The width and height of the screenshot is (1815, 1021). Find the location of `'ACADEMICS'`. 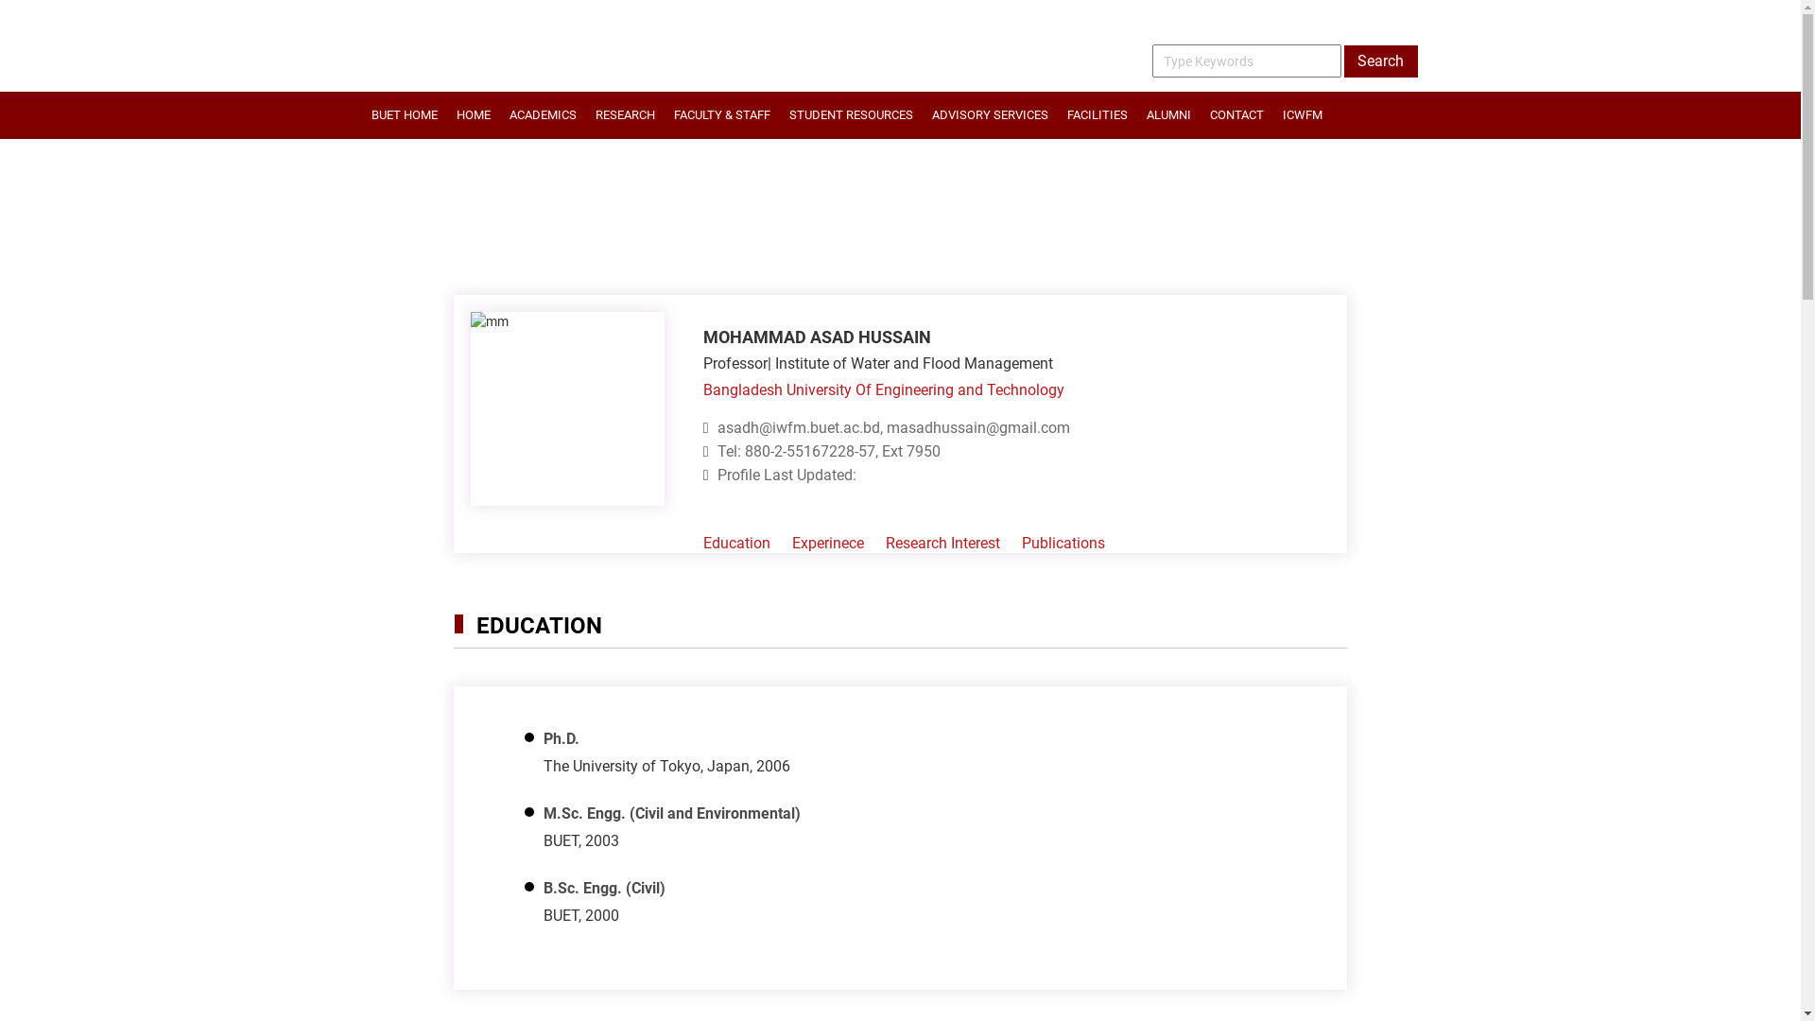

'ACADEMICS' is located at coordinates (541, 115).